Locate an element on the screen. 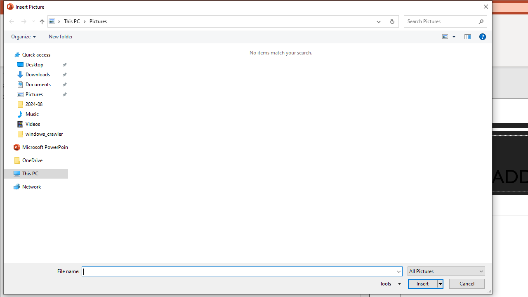 This screenshot has width=528, height=297. 'Tools' is located at coordinates (389, 283).